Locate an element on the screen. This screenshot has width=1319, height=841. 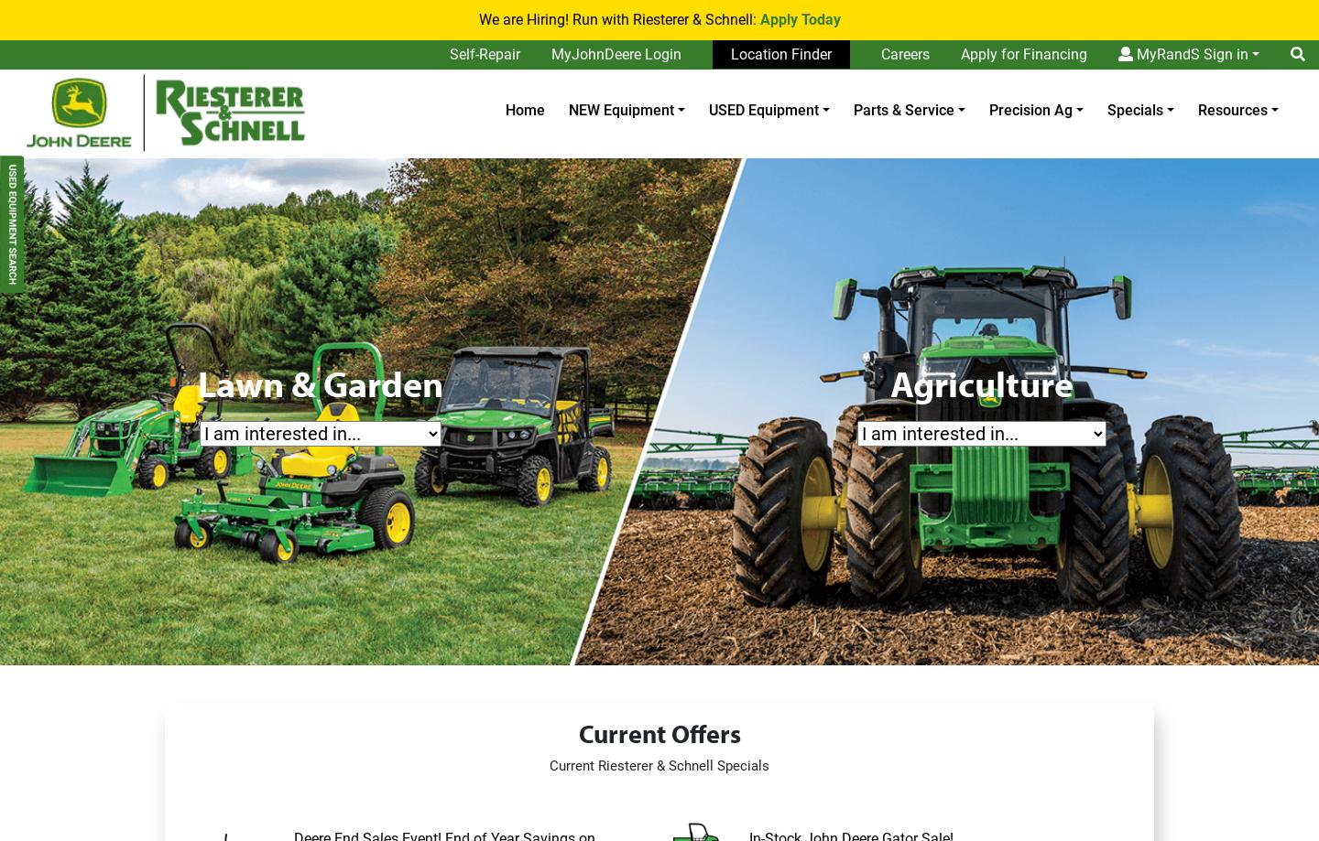
'MyJohnDeere Login' is located at coordinates (616, 54).